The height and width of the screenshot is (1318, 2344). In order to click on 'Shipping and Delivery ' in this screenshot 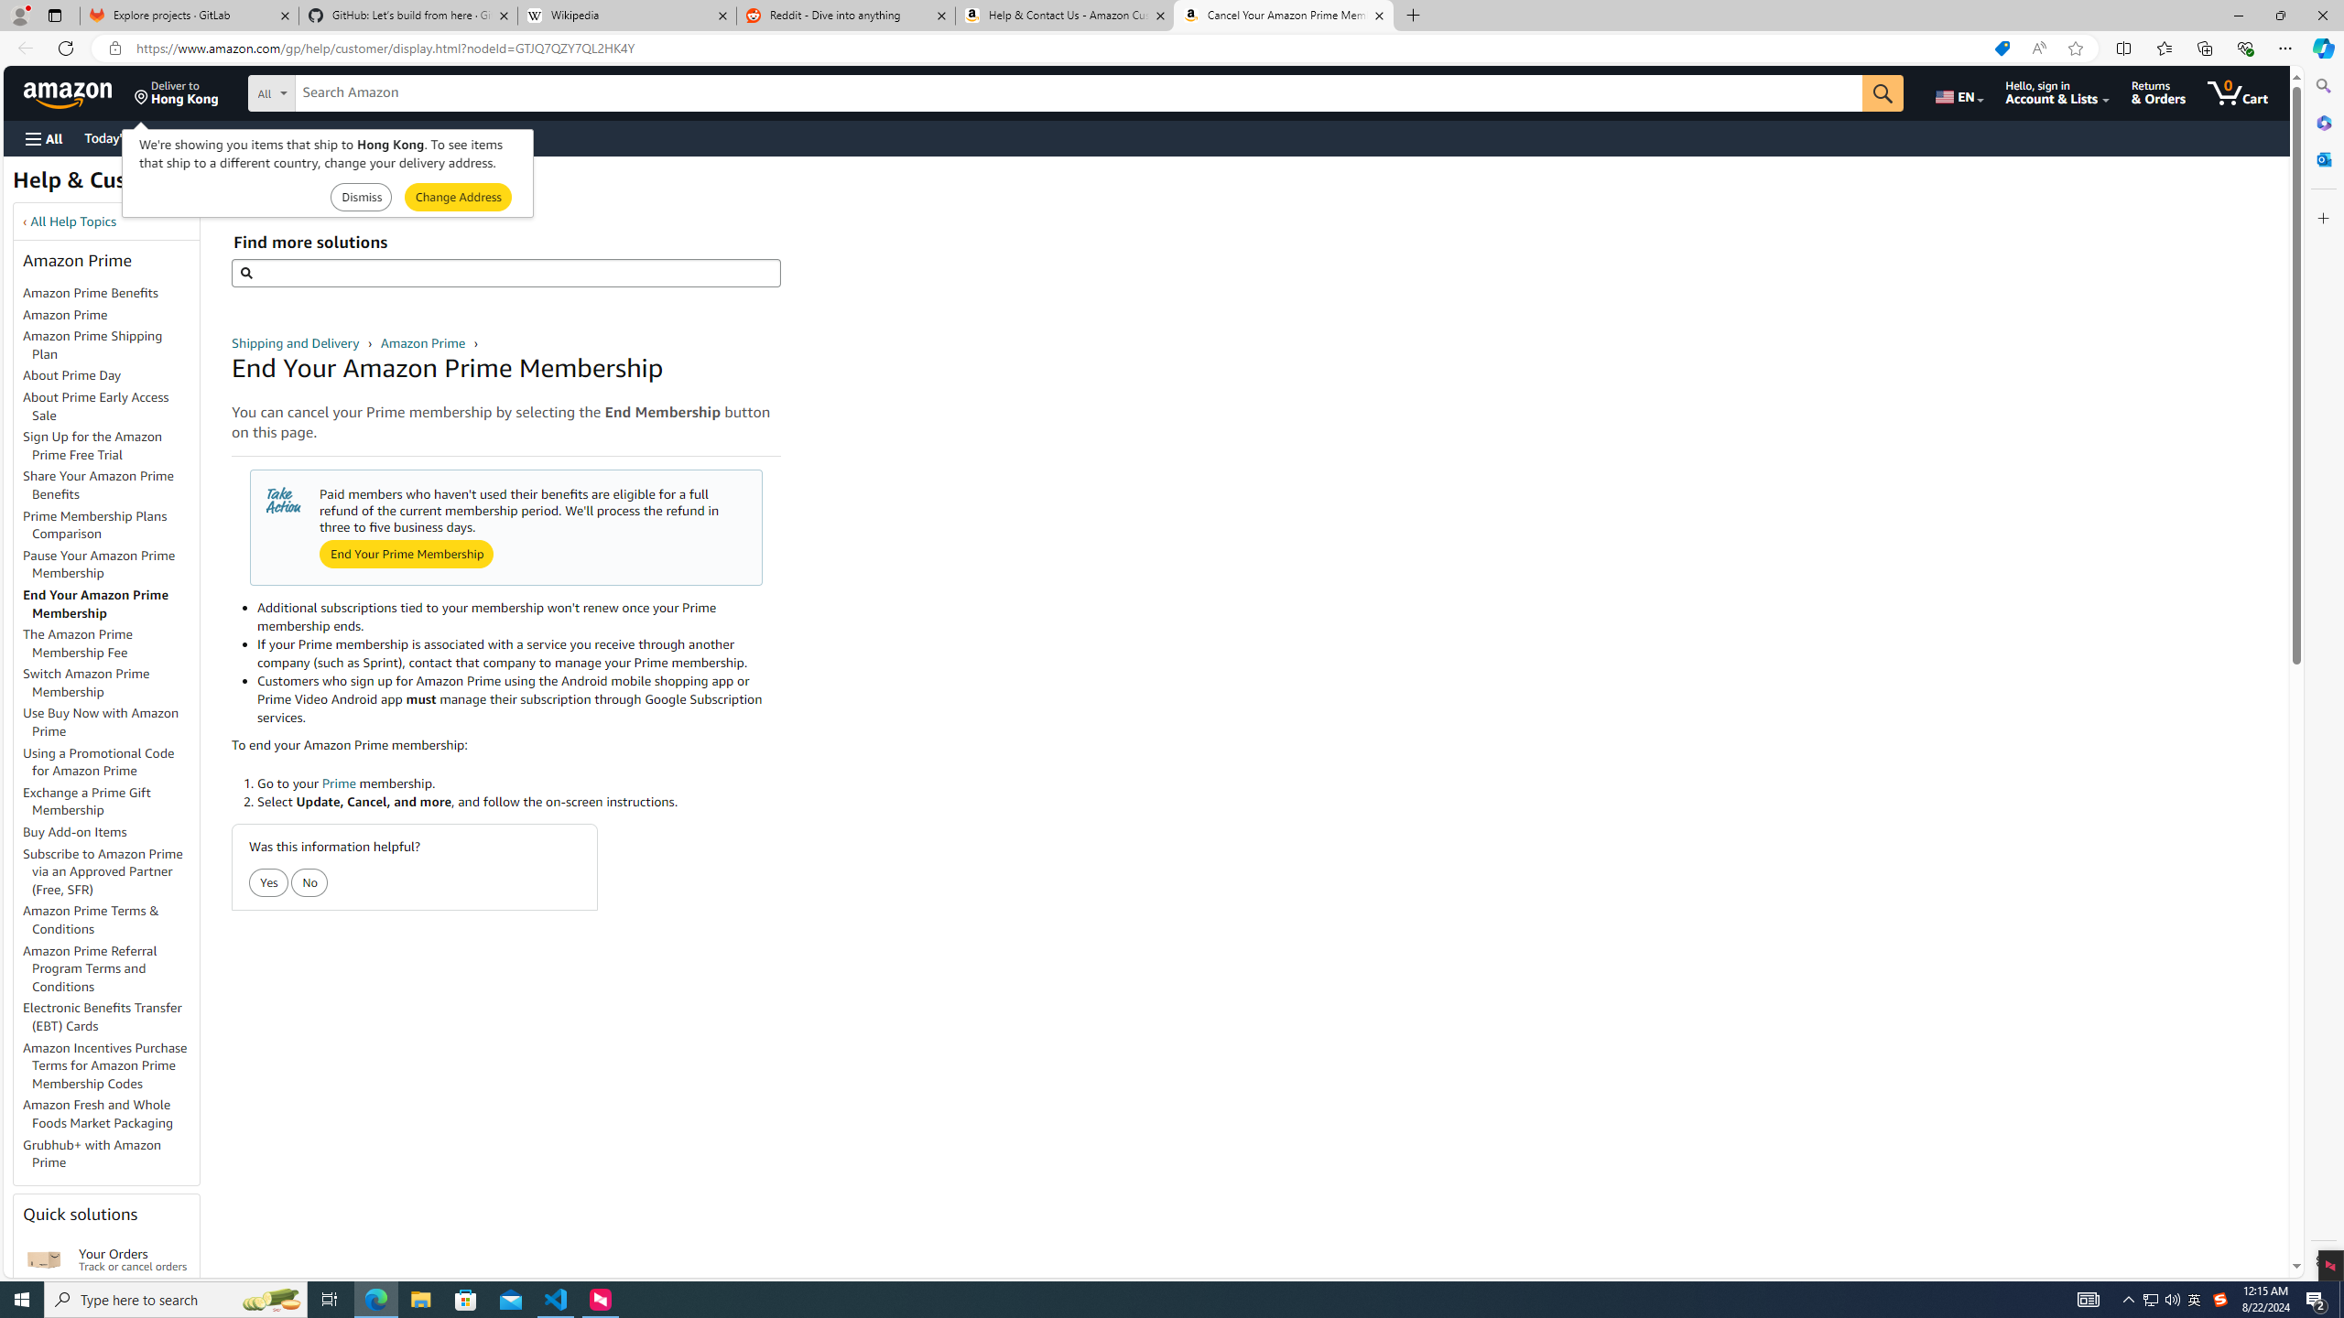, I will do `click(298, 343)`.